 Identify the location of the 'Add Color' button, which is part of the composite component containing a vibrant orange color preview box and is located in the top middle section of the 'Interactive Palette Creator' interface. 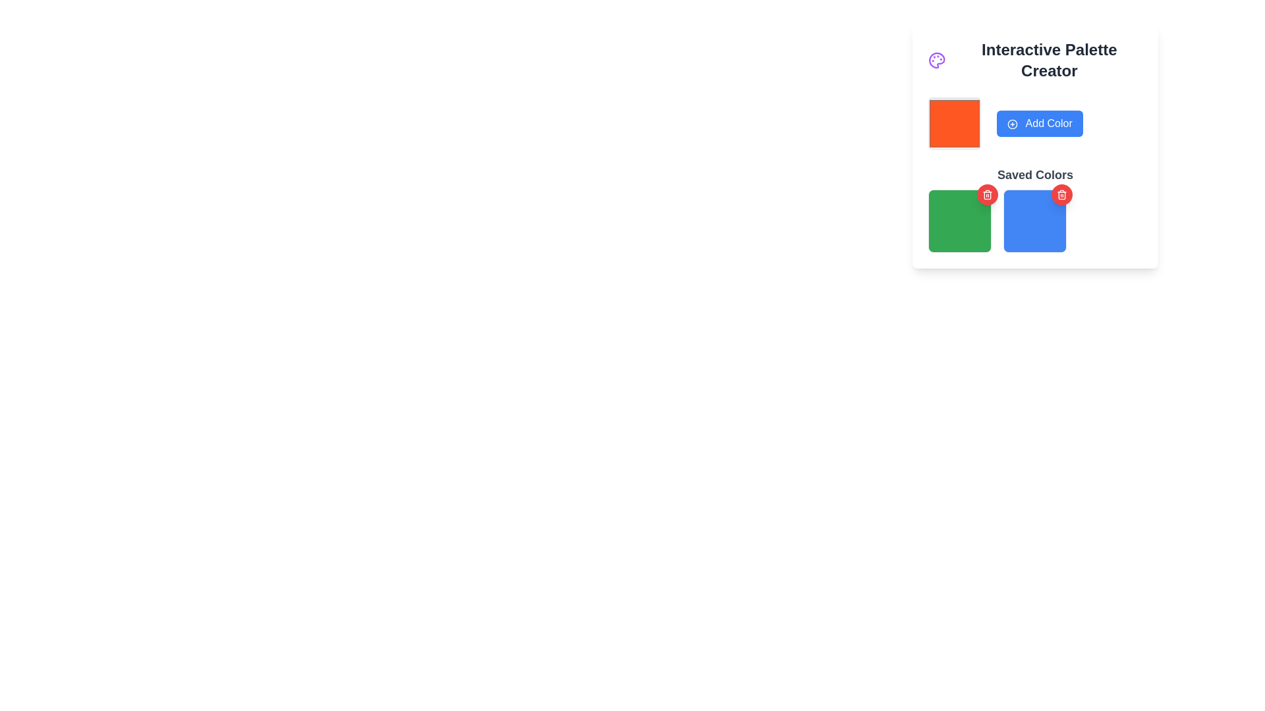
(1034, 124).